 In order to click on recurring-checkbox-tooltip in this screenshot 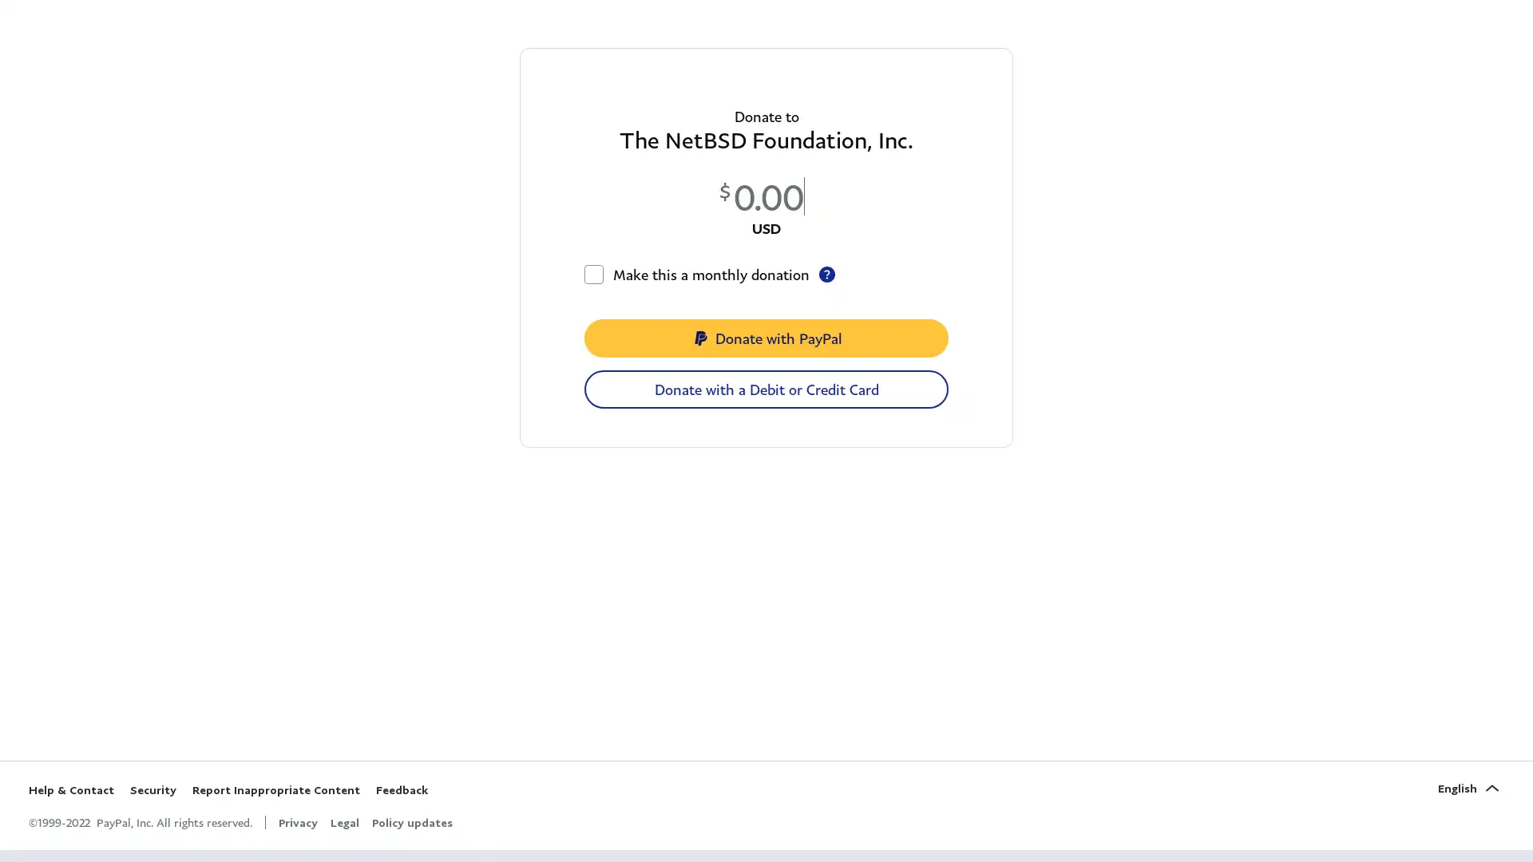, I will do `click(827, 273)`.